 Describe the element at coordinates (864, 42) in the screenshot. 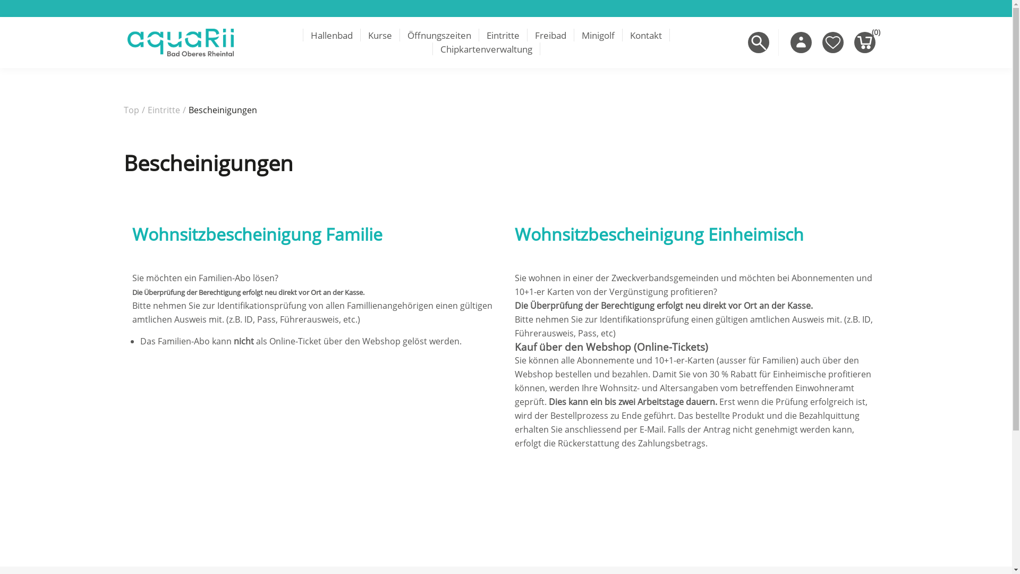

I see `'Warenkorb` at that location.